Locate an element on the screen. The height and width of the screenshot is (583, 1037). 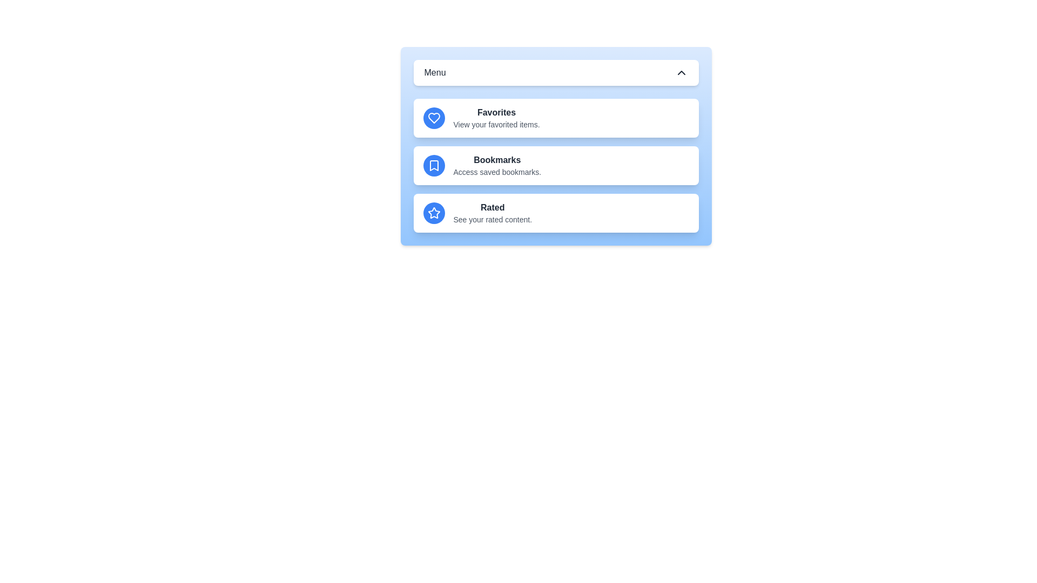
the menu item Favorites is located at coordinates (556, 118).